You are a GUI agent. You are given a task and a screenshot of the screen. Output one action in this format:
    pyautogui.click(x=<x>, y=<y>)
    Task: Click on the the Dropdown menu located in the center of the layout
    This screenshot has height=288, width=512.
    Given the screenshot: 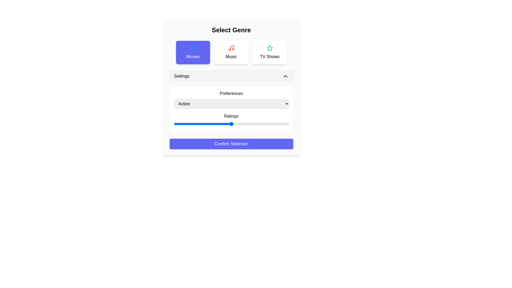 What is the action you would take?
    pyautogui.click(x=231, y=99)
    